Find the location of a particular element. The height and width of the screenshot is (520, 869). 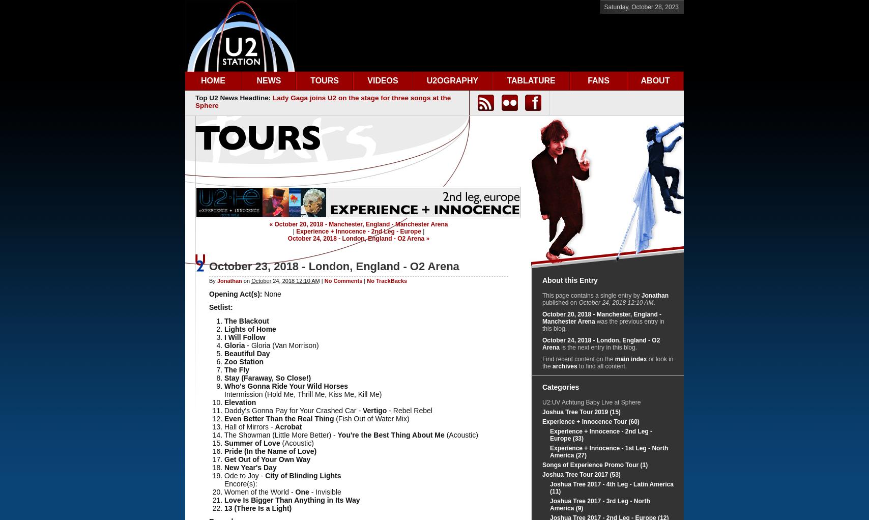

'Pride (In the Name of Love)' is located at coordinates (270, 450).